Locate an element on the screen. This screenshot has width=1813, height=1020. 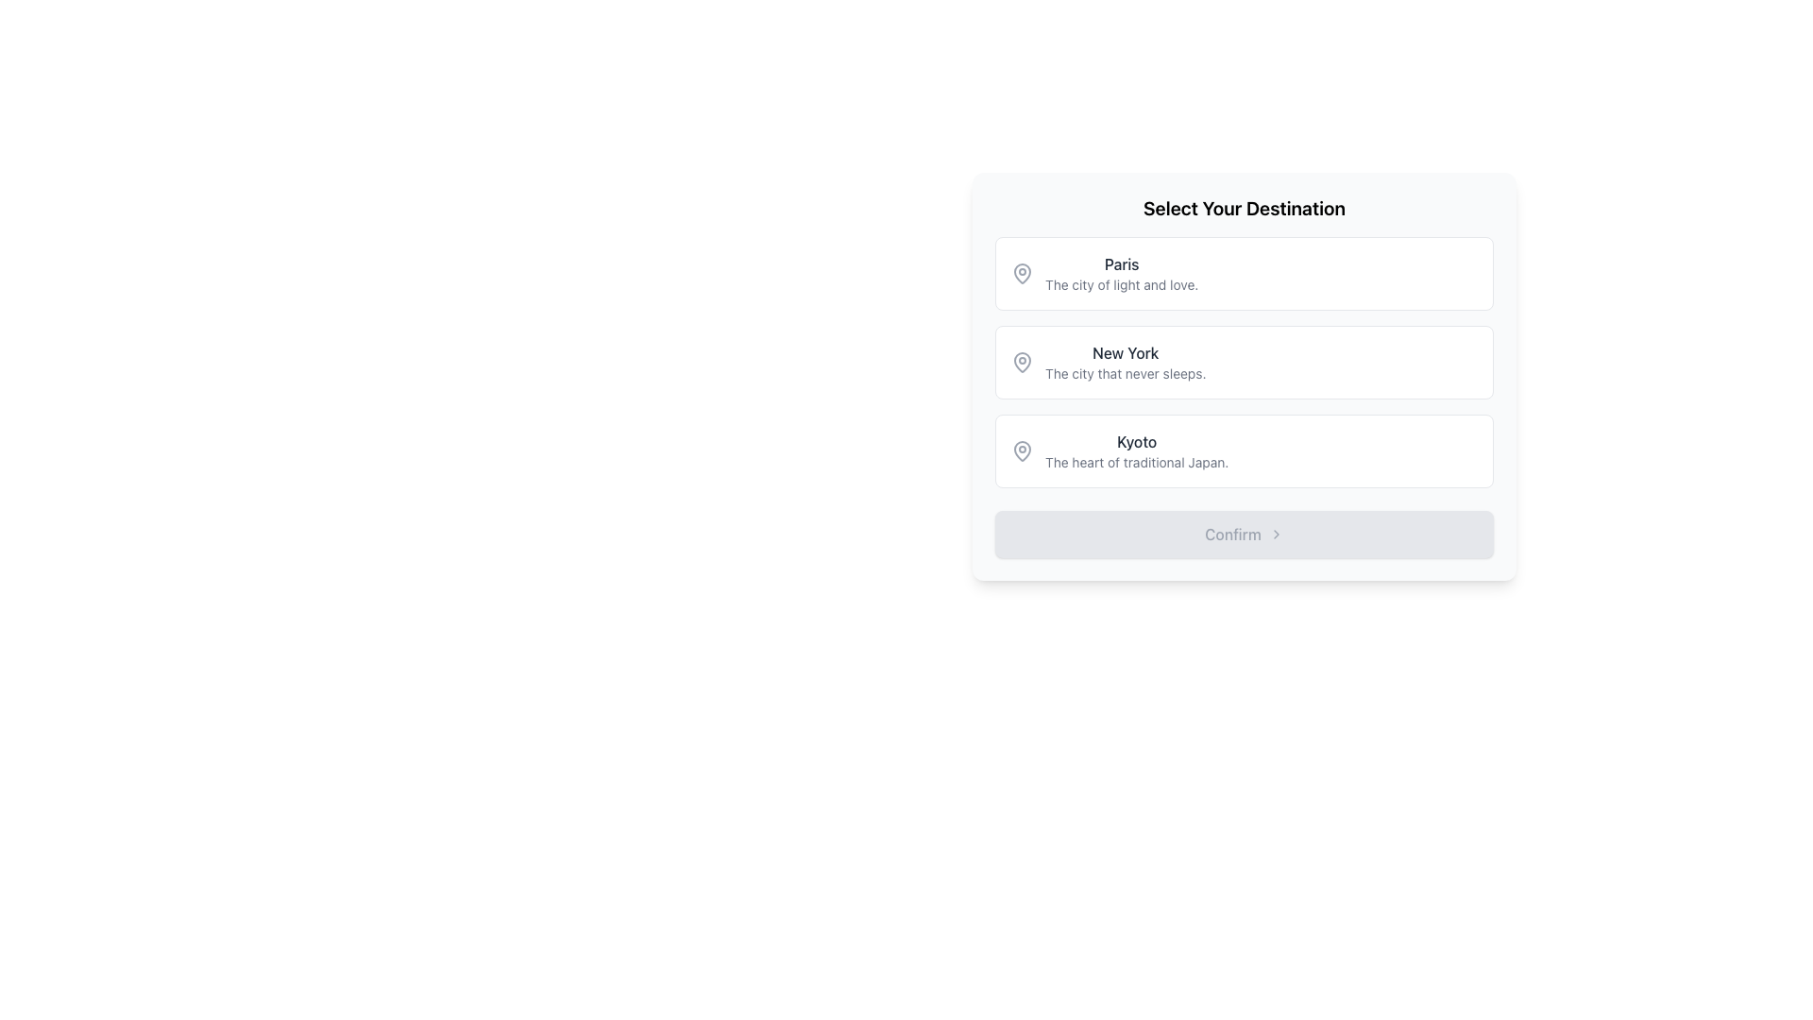
the pin icon, which resembles a location marker and is located to the left of the text 'Kyoto' in the 'Select Your Destination' options is located at coordinates (1022, 451).